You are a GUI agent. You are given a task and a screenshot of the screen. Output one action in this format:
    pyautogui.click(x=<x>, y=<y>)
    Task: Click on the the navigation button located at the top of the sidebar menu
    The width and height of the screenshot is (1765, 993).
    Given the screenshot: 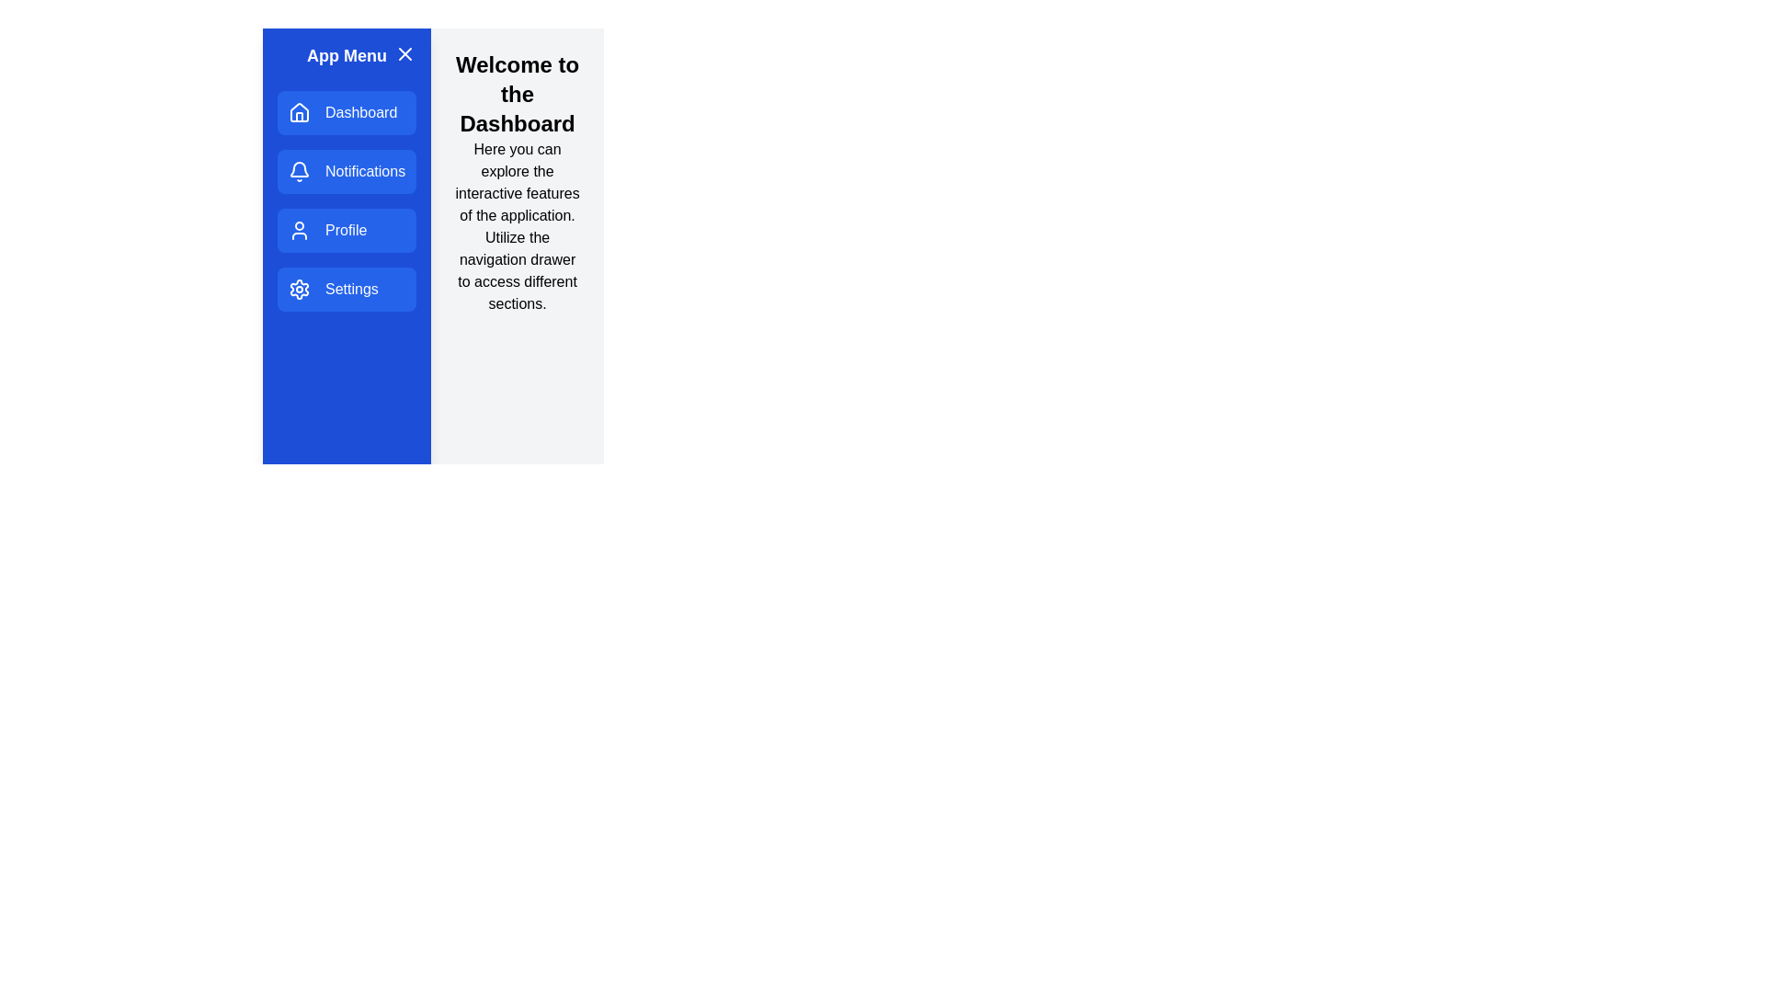 What is the action you would take?
    pyautogui.click(x=347, y=113)
    